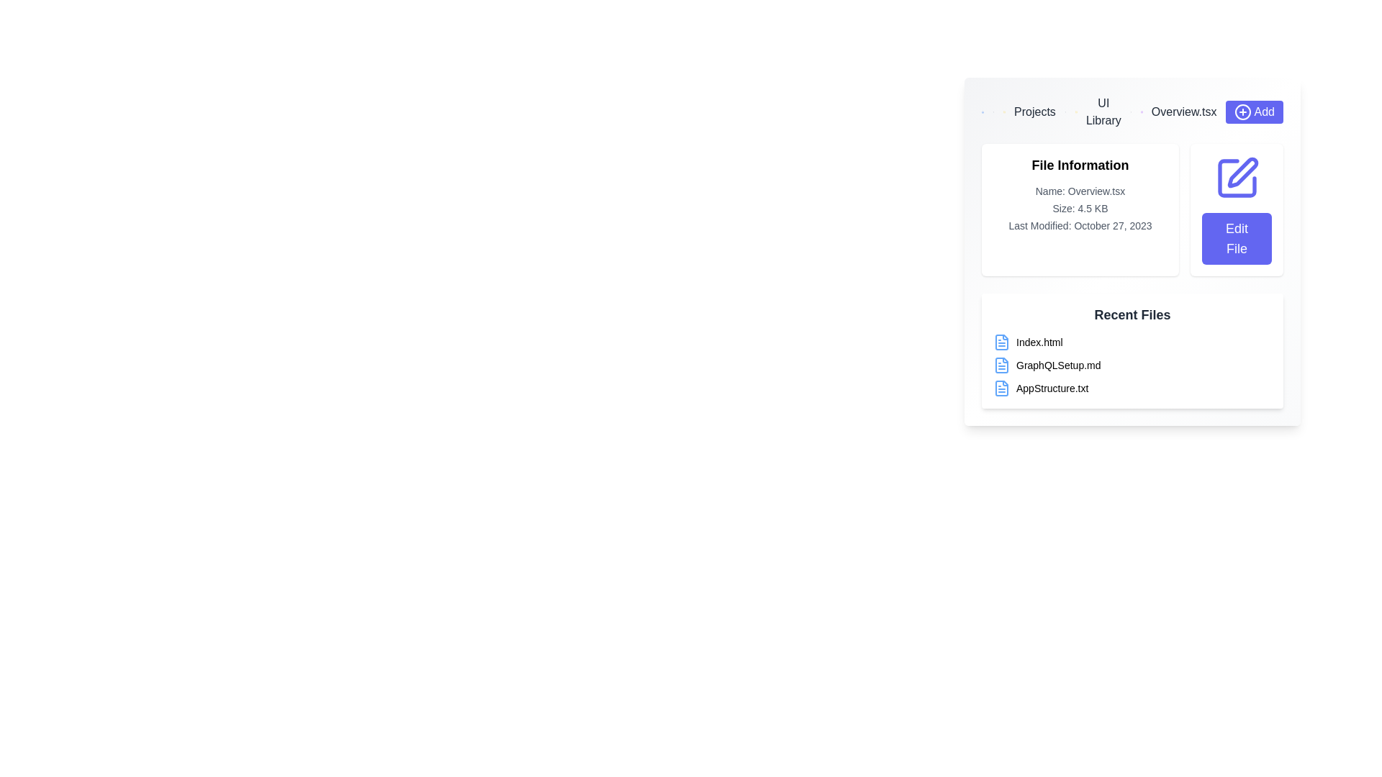 The width and height of the screenshot is (1382, 777). I want to click on static text label displaying 'Name: Overview.tsx' located in the top region of the 'File Information' section, so click(1080, 191).